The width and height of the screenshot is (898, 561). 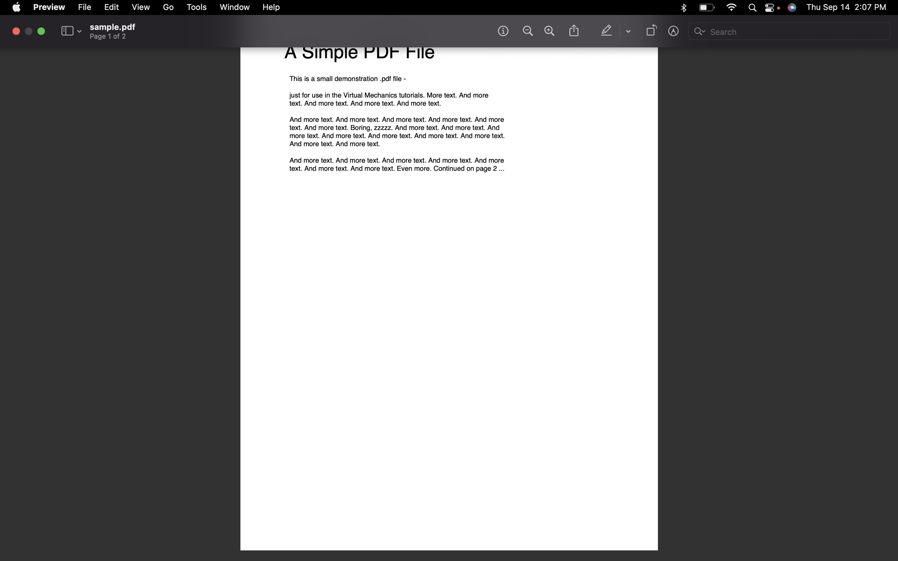 What do you see at coordinates (1298957, 546133) in the screenshot?
I see `the page below by scrolling down` at bounding box center [1298957, 546133].